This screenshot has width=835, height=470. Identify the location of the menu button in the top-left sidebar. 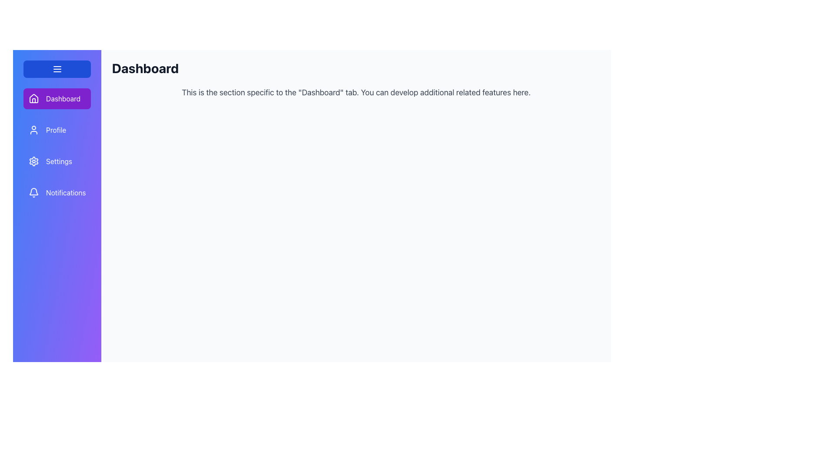
(57, 68).